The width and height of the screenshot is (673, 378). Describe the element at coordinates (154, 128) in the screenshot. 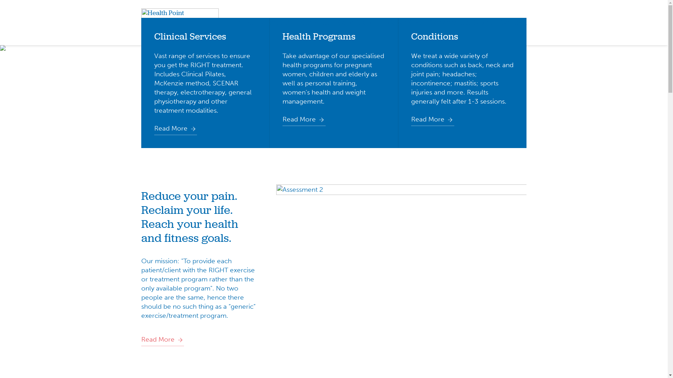

I see `'Read More'` at that location.